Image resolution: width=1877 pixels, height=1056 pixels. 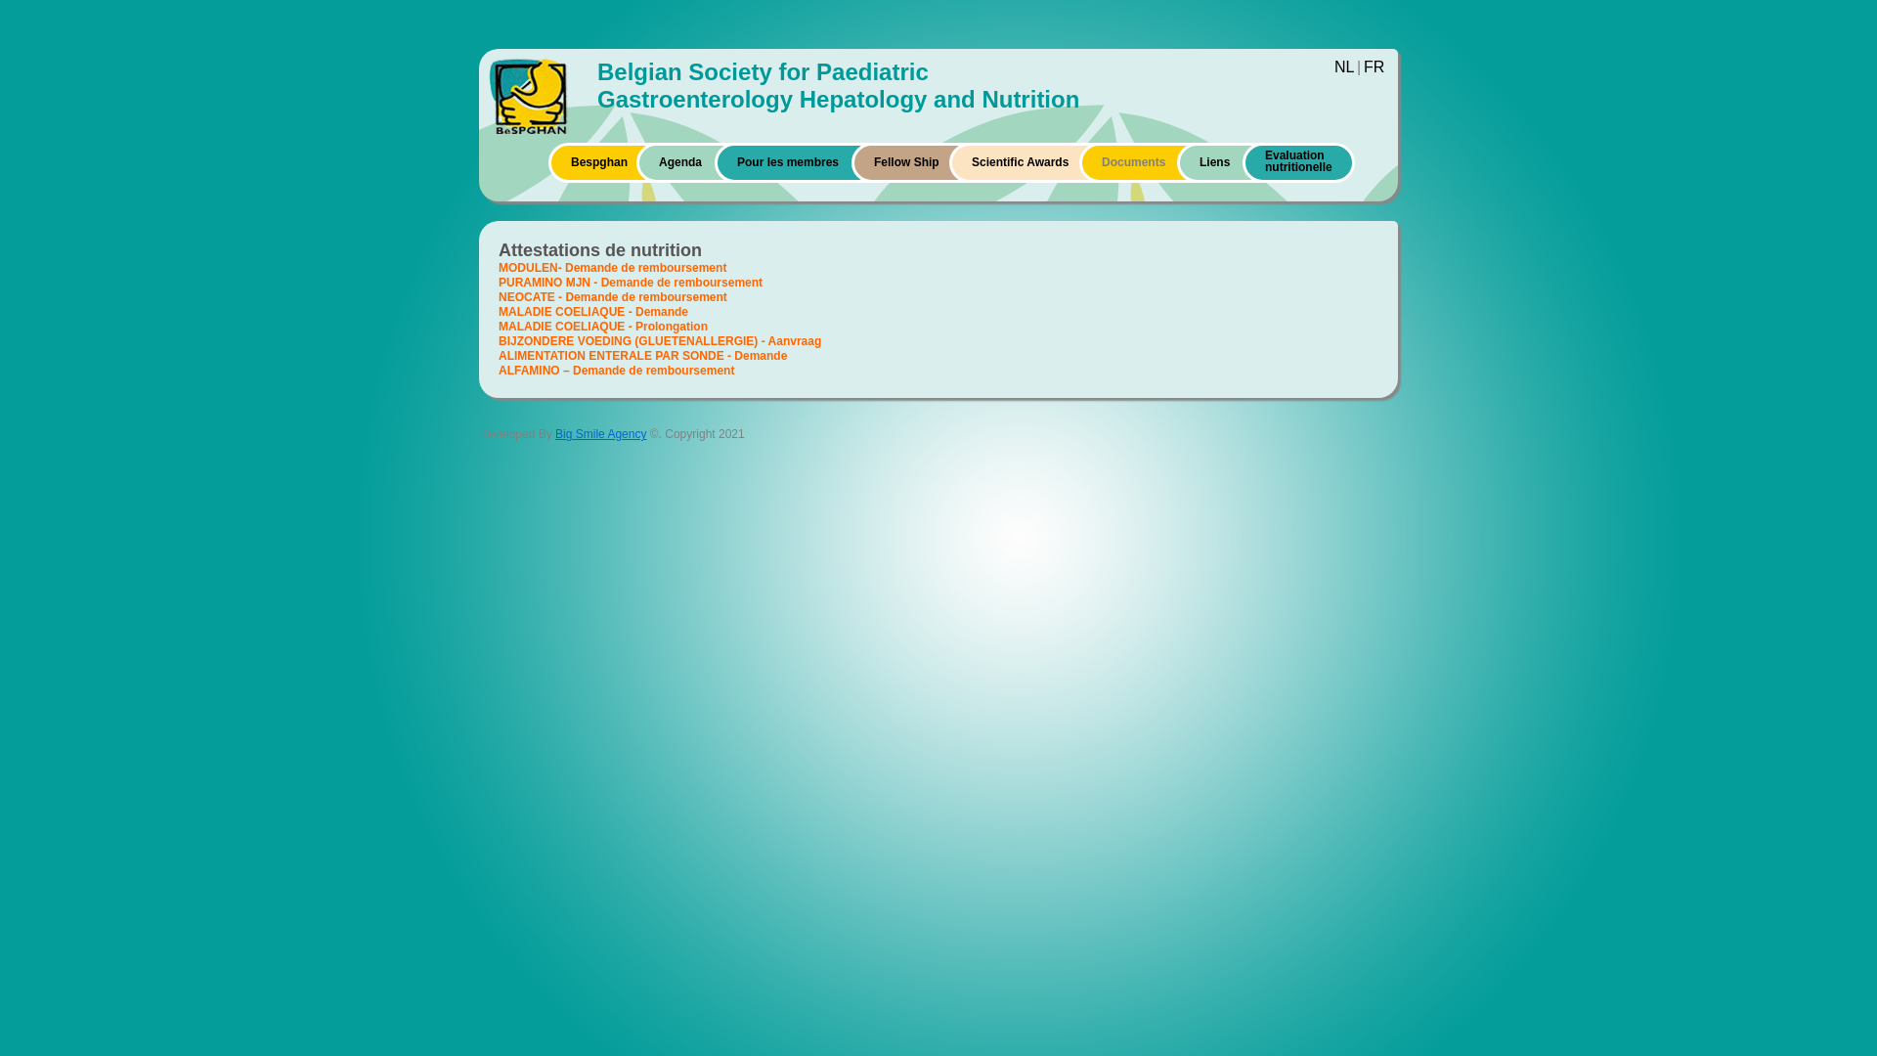 I want to click on 'NEOCATE - Demande de remboursement', so click(x=612, y=297).